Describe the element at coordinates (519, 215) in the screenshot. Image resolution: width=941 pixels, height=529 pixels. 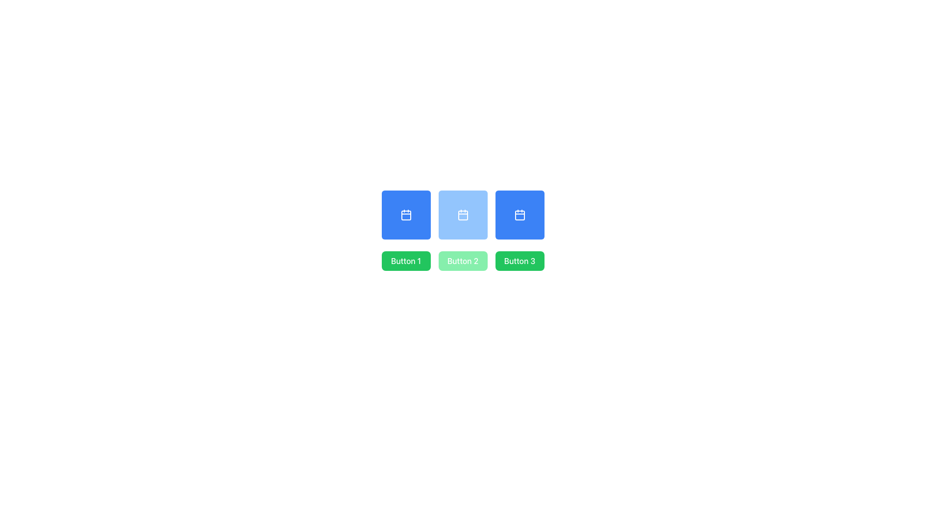
I see `the calendar icon in the blue square button located at the far right of a horizontal group of three buttons` at that location.